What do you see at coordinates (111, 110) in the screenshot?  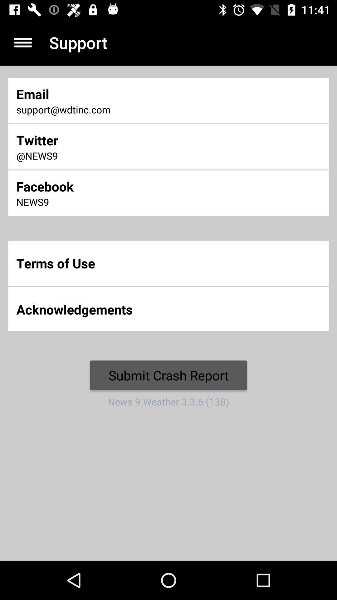 I see `the icon below email` at bounding box center [111, 110].